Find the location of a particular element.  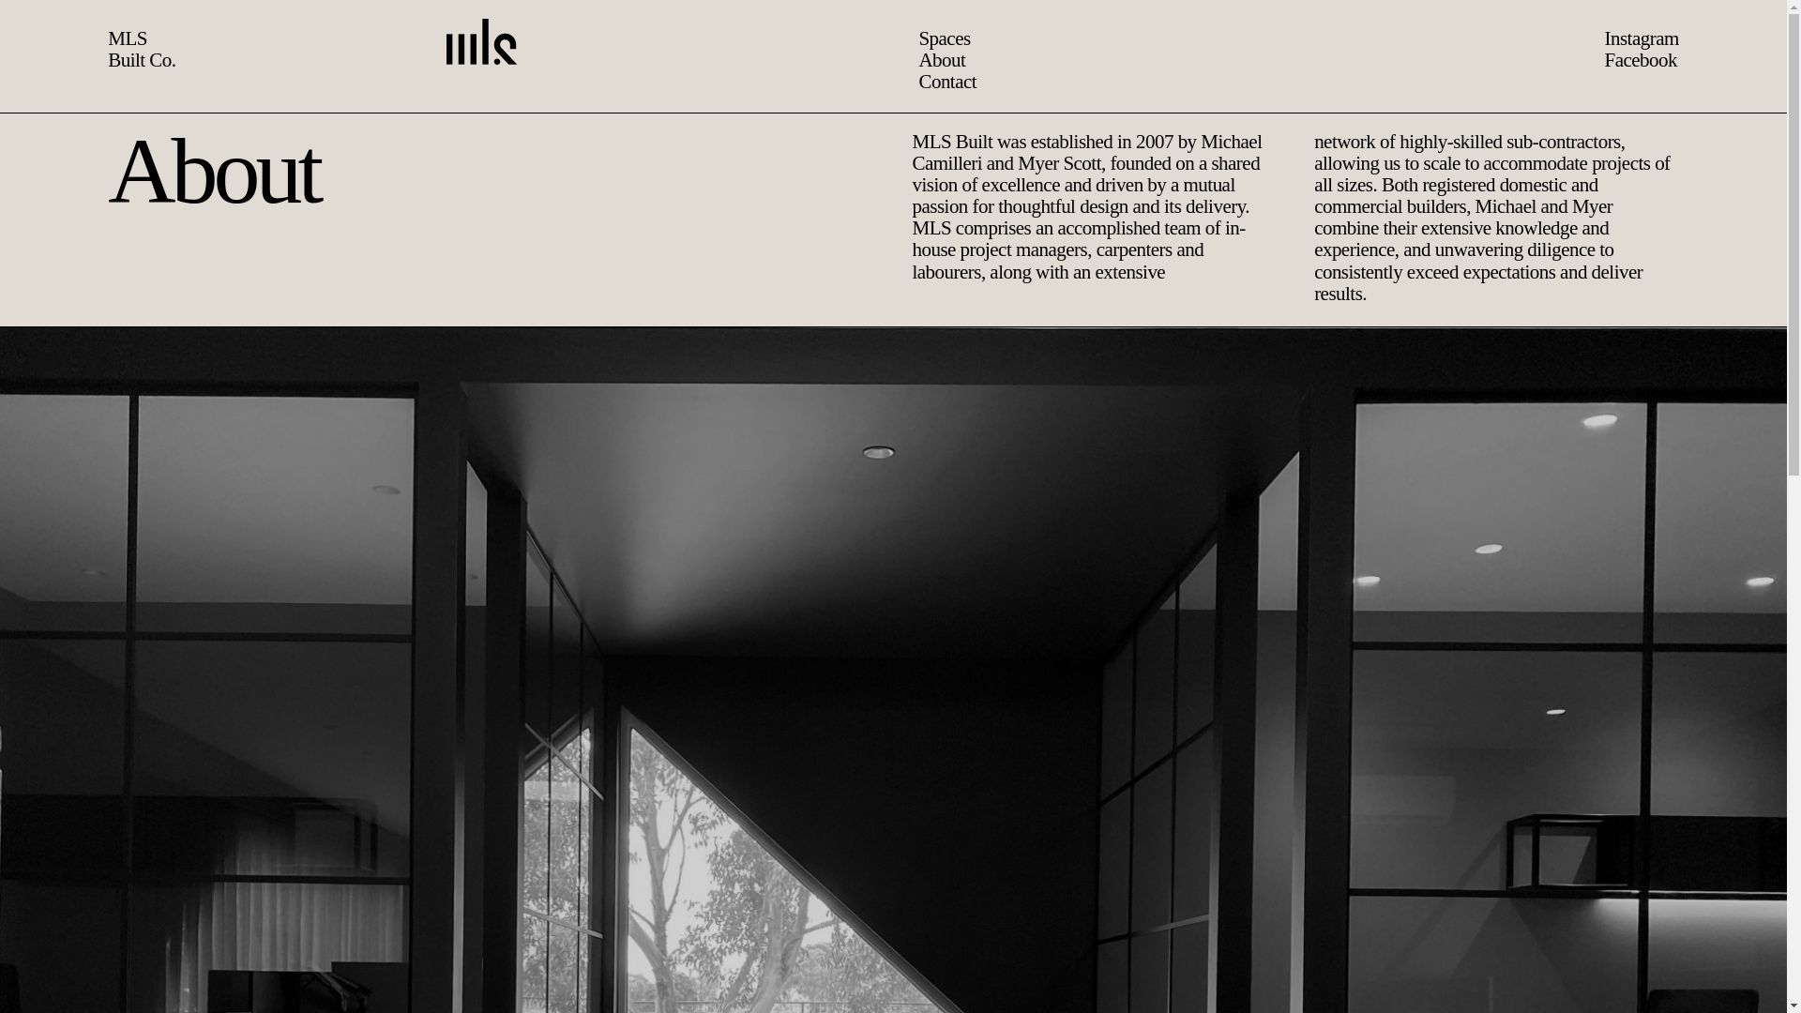

'Contact' is located at coordinates (892, 81).